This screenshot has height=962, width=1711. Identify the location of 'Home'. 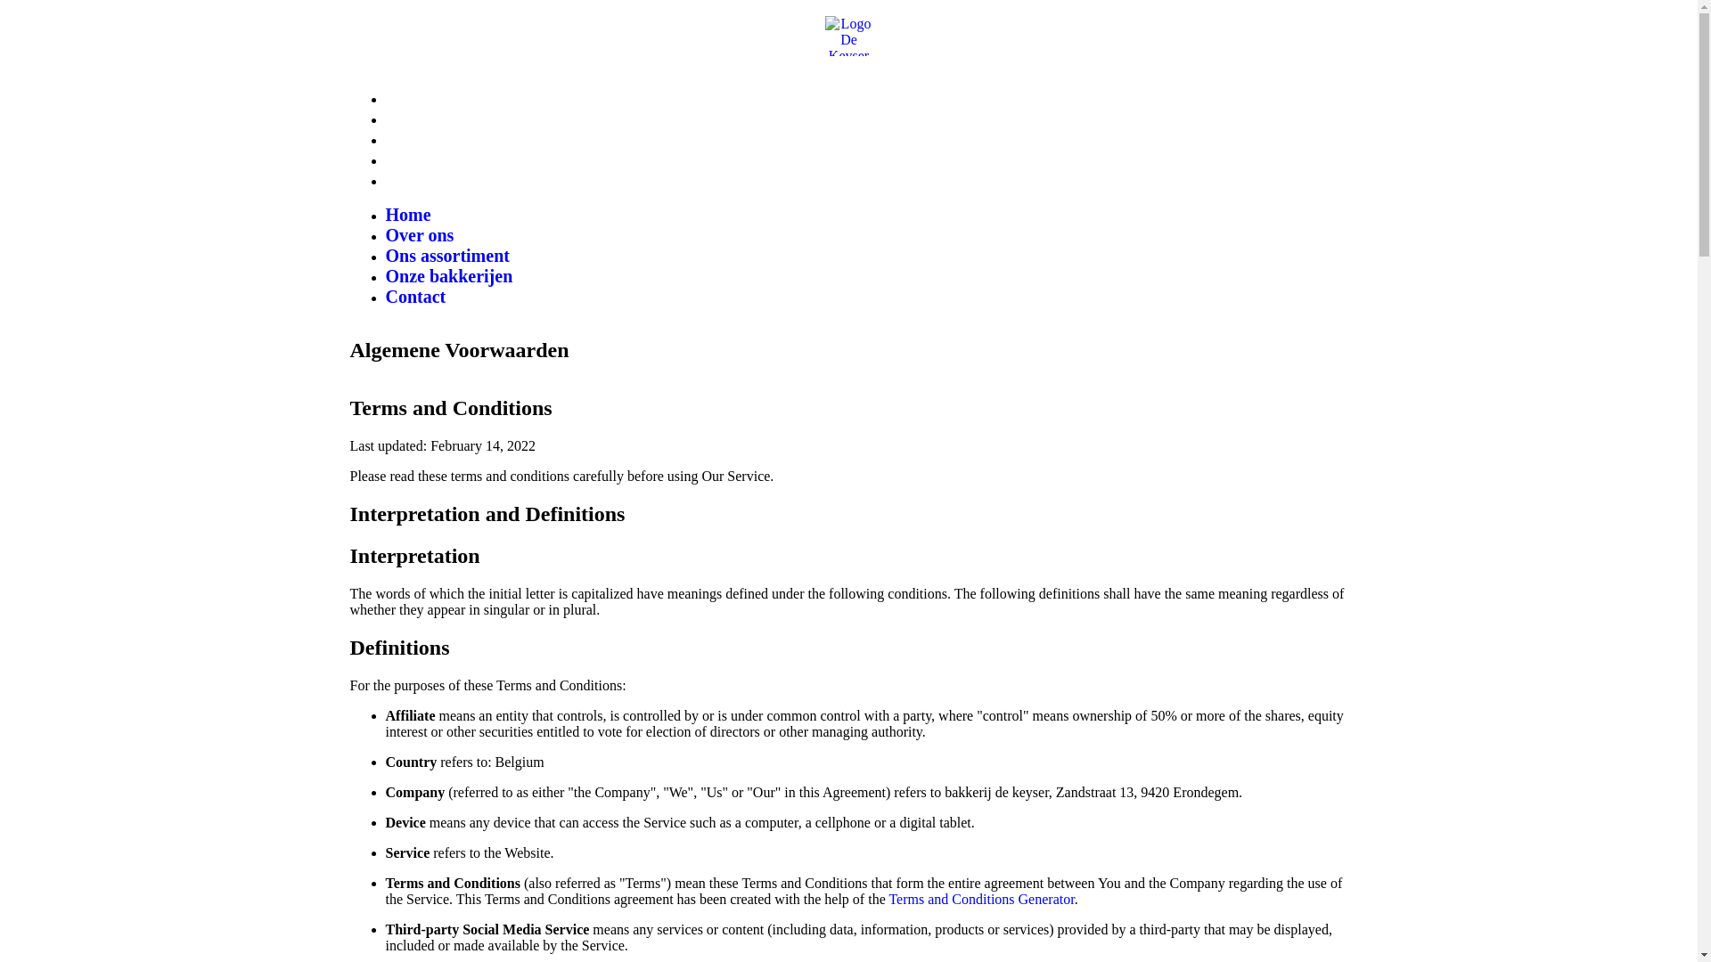
(406, 213).